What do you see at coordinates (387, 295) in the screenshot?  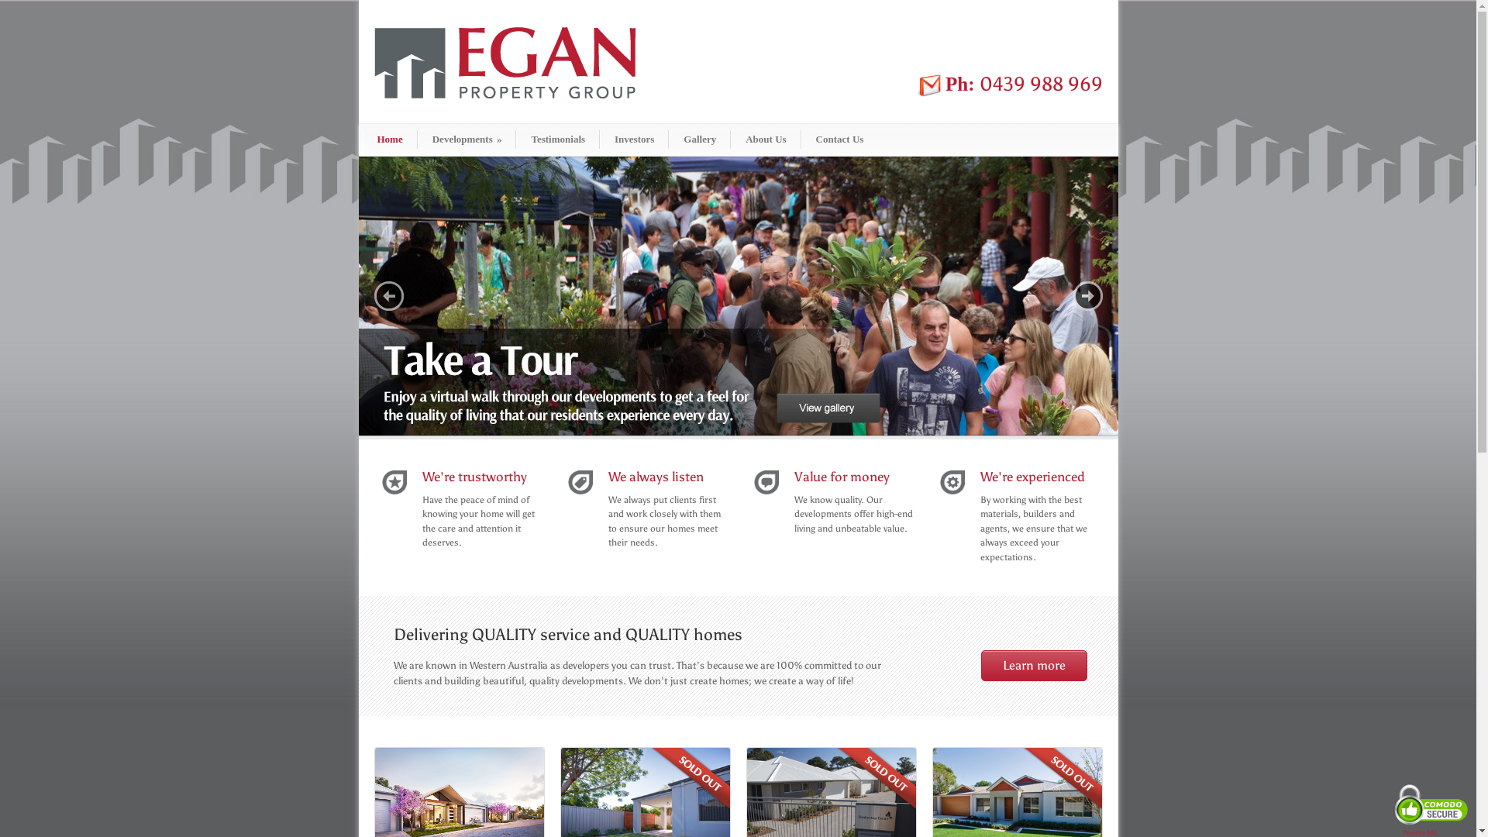 I see `'Previous'` at bounding box center [387, 295].